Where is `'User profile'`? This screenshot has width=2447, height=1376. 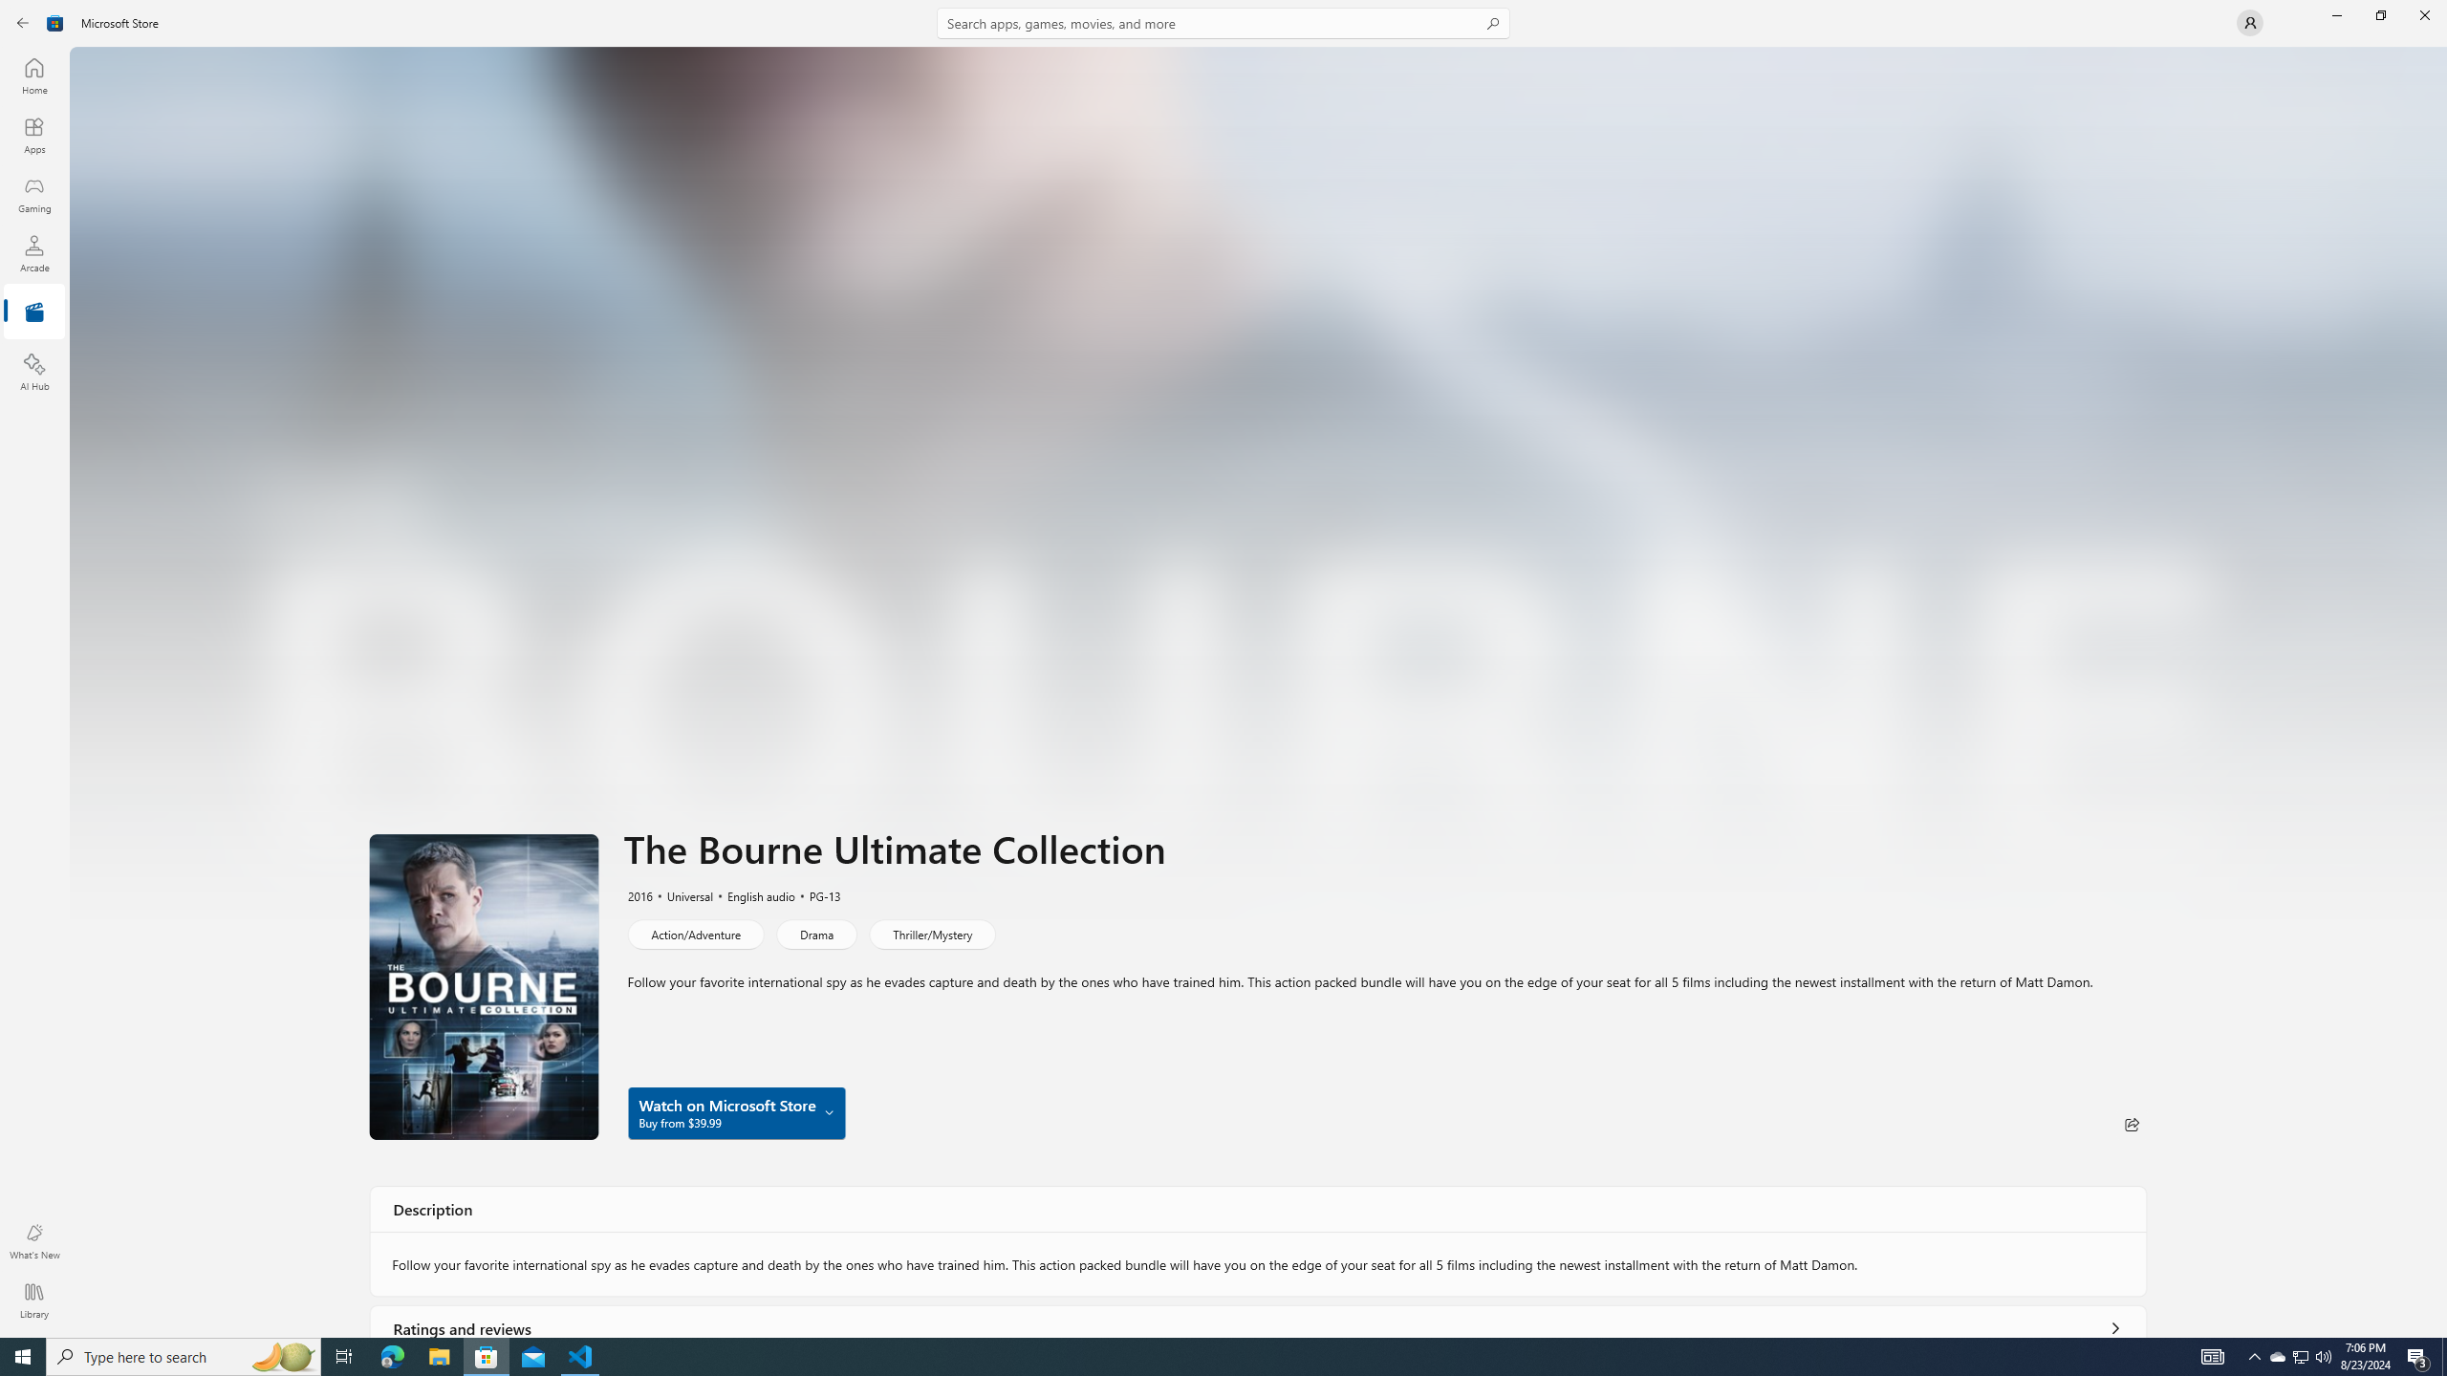
'User profile' is located at coordinates (2248, 21).